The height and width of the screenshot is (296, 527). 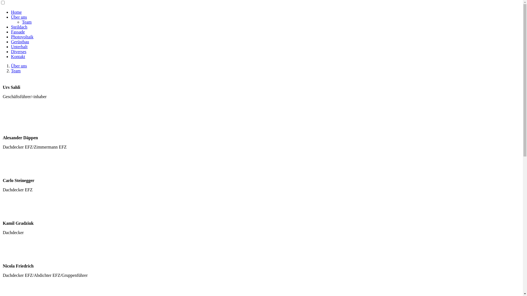 What do you see at coordinates (18, 56) in the screenshot?
I see `'Kontakt'` at bounding box center [18, 56].